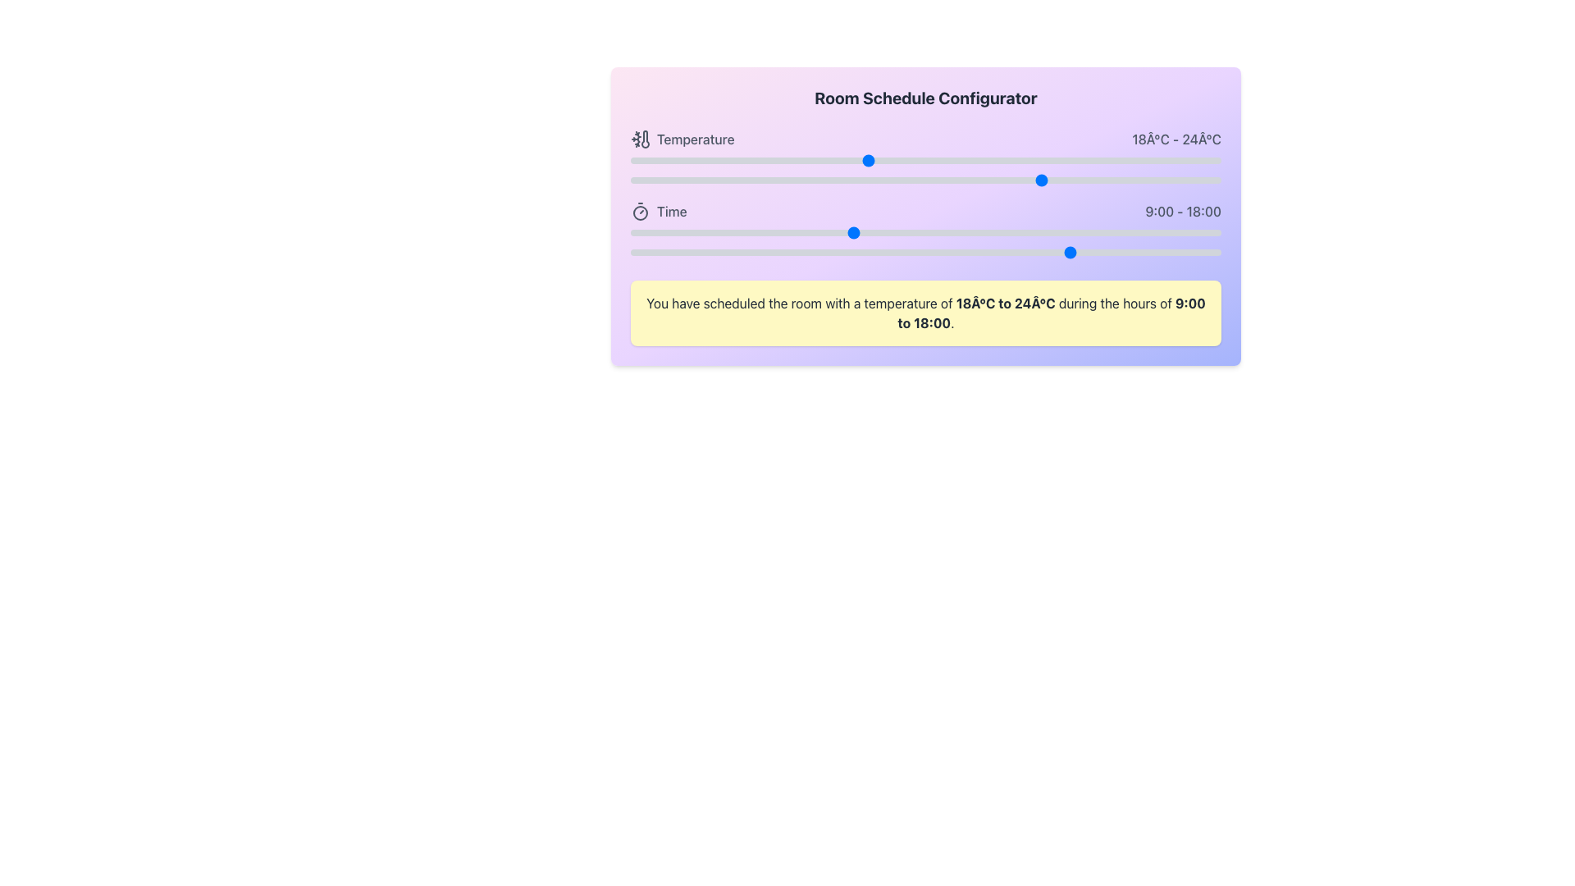 Image resolution: width=1575 pixels, height=886 pixels. I want to click on the slider, so click(865, 158).